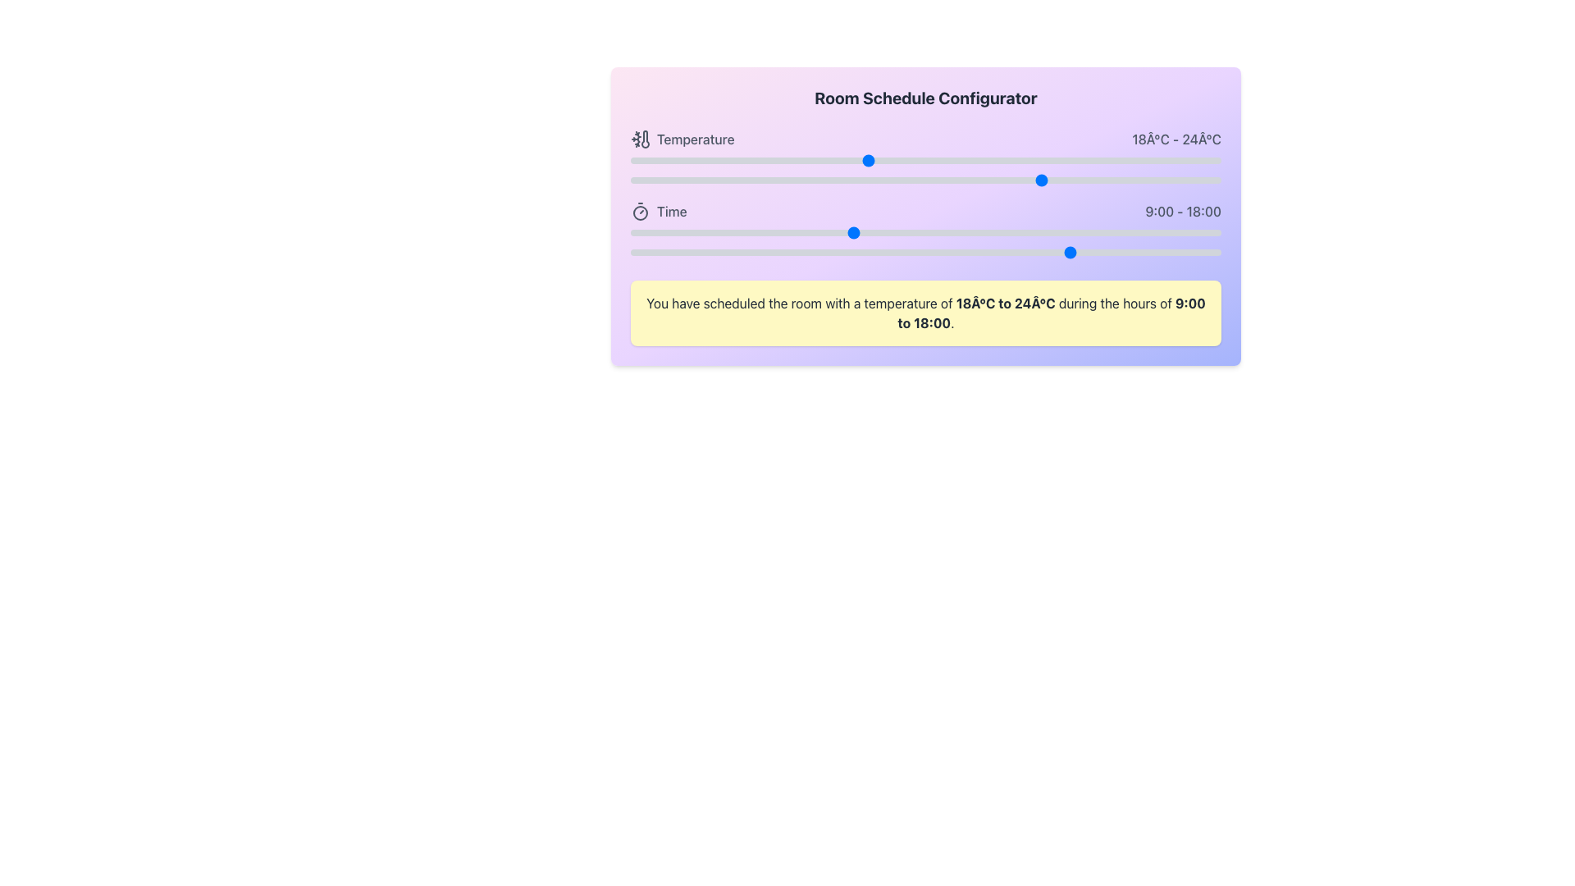 Image resolution: width=1575 pixels, height=886 pixels. I want to click on the slider, so click(865, 158).